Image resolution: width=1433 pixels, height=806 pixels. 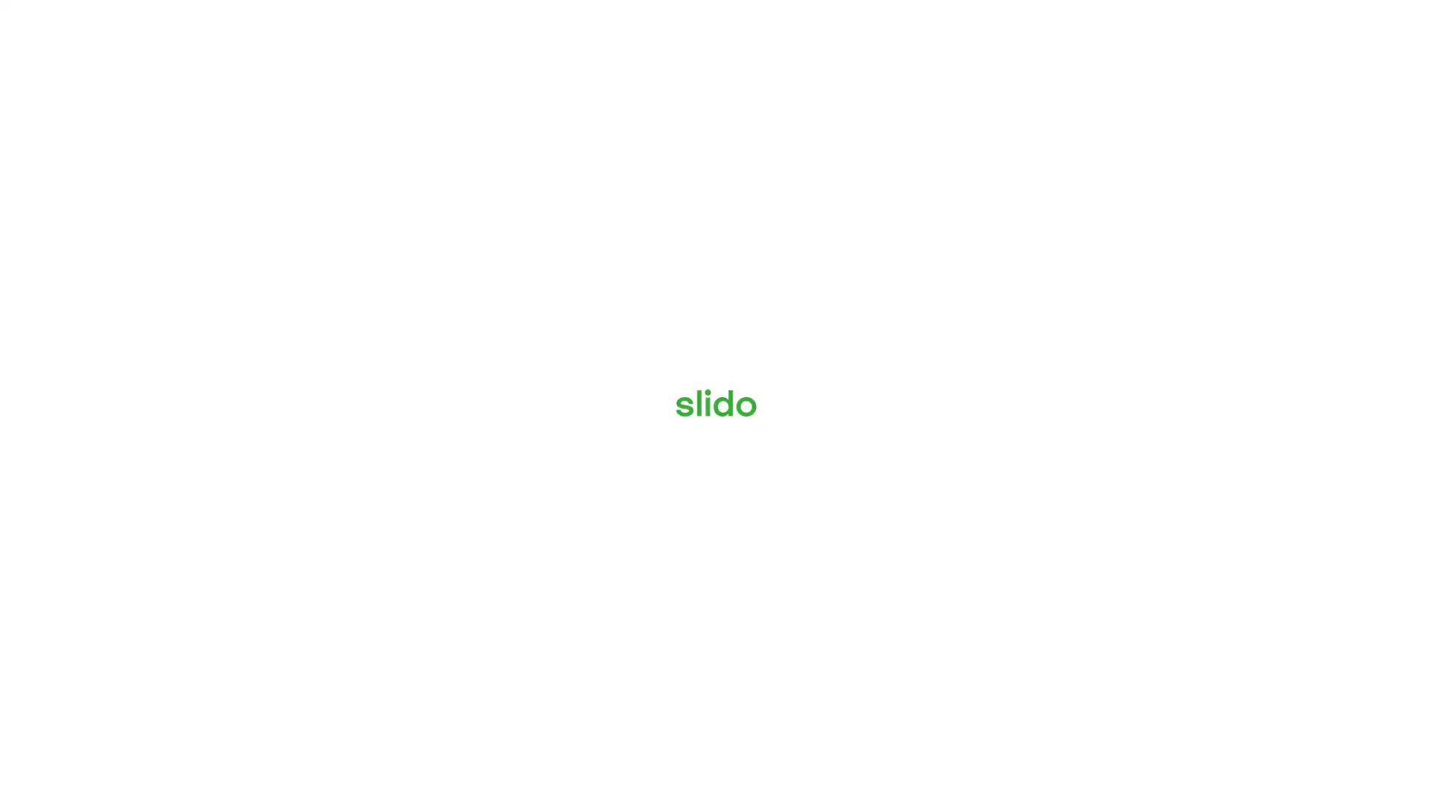 What do you see at coordinates (1323, 393) in the screenshot?
I see `25 votes, Upvote question` at bounding box center [1323, 393].